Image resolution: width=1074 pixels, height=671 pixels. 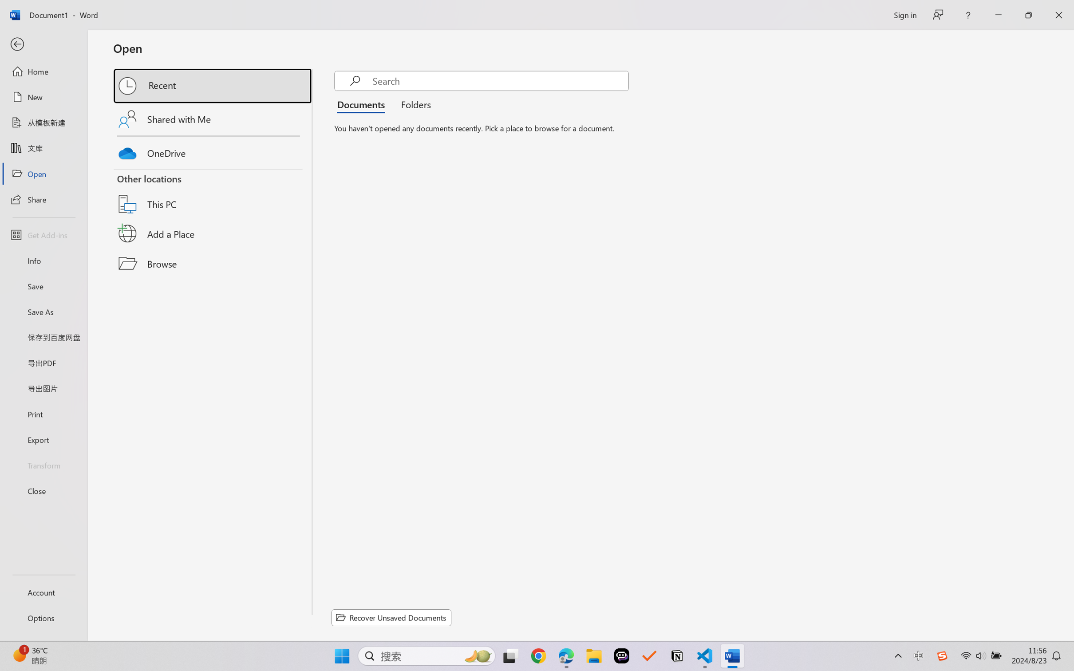 I want to click on 'New', so click(x=43, y=96).